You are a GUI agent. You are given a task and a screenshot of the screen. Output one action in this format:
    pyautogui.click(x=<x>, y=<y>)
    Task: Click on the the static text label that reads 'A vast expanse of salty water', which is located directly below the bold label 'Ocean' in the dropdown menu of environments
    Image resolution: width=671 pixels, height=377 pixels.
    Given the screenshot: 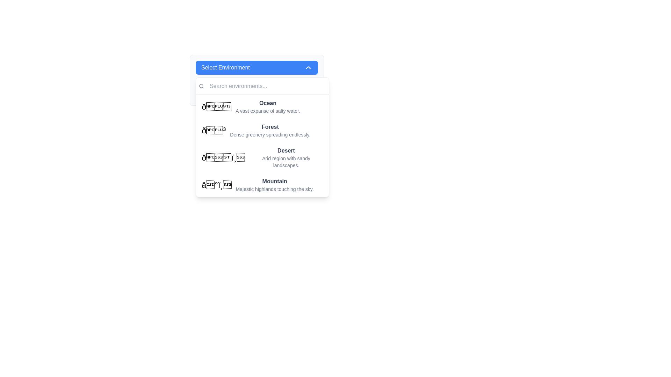 What is the action you would take?
    pyautogui.click(x=267, y=110)
    